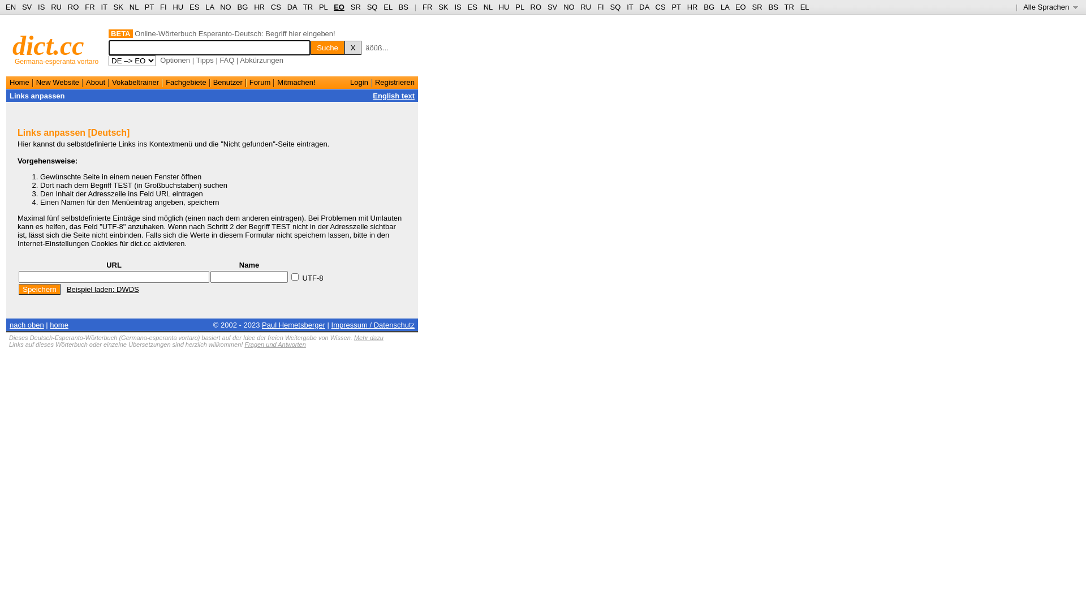 Image resolution: width=1086 pixels, height=611 pixels. What do you see at coordinates (629, 7) in the screenshot?
I see `'IT'` at bounding box center [629, 7].